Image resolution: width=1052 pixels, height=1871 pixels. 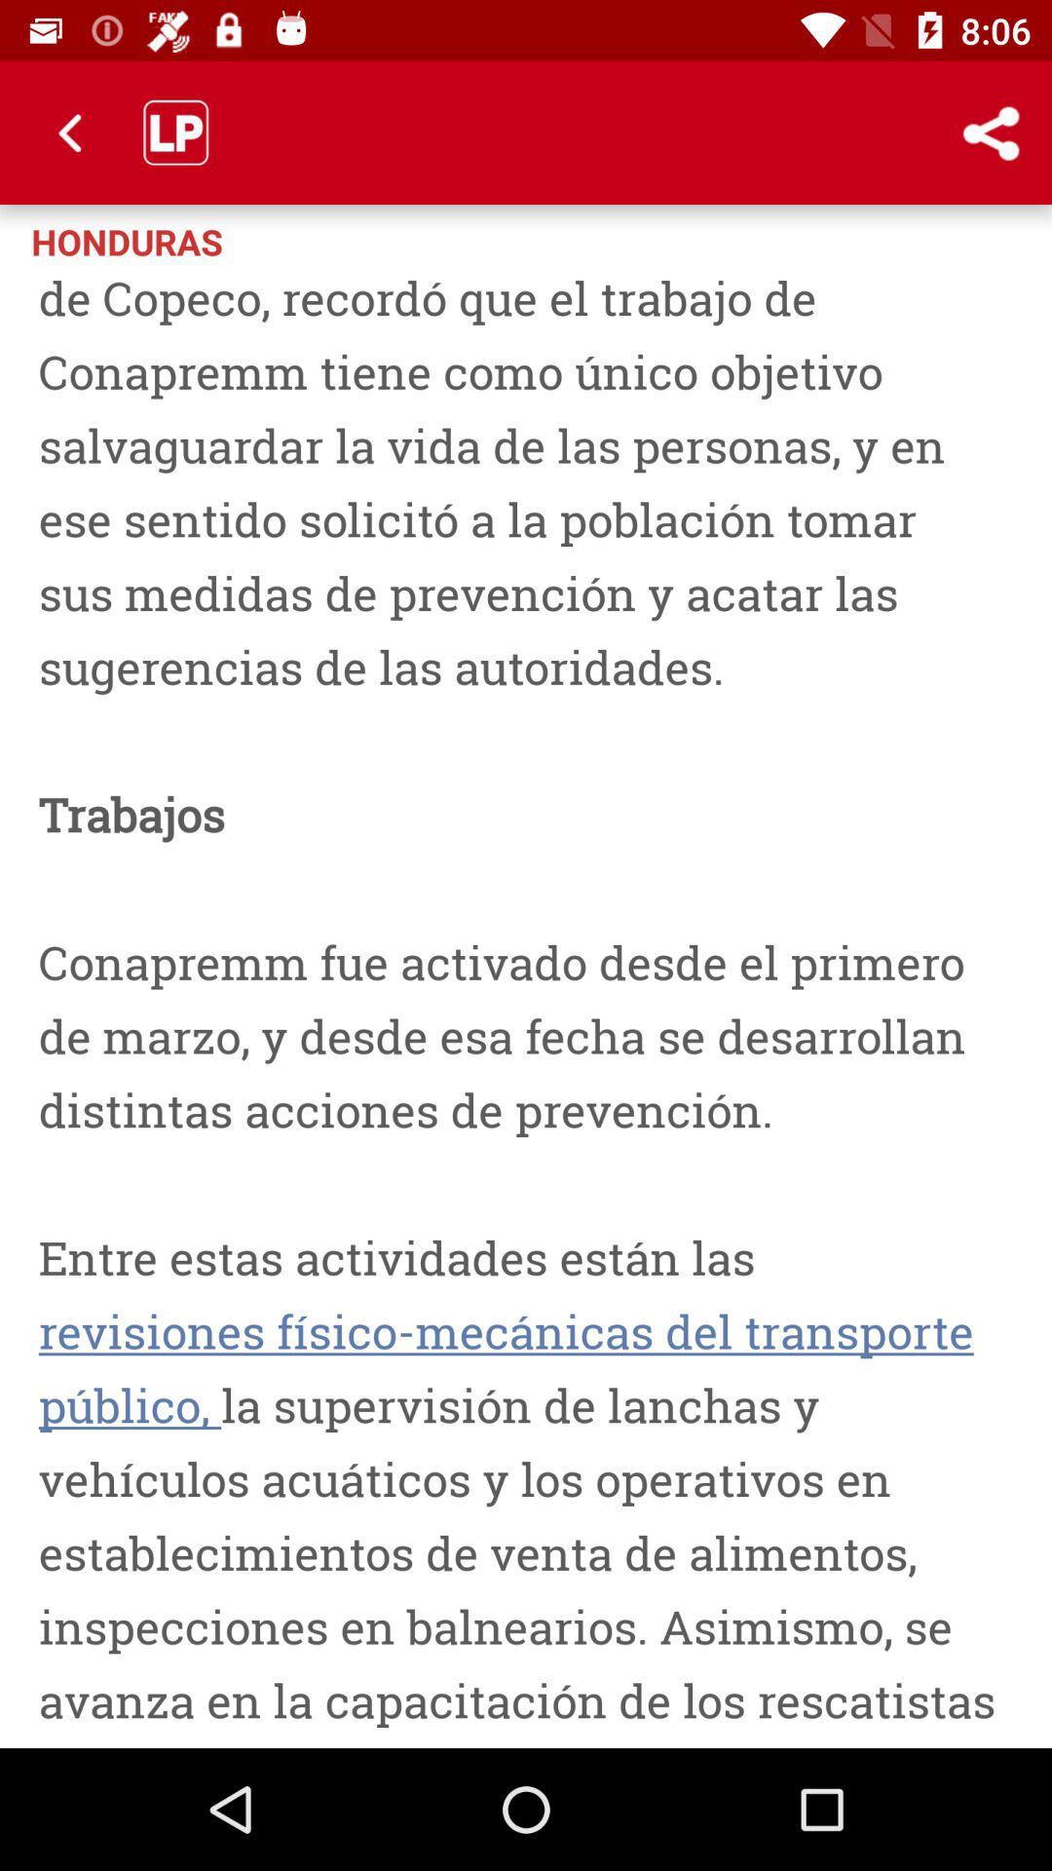 I want to click on the icon next to honduras, so click(x=991, y=132).